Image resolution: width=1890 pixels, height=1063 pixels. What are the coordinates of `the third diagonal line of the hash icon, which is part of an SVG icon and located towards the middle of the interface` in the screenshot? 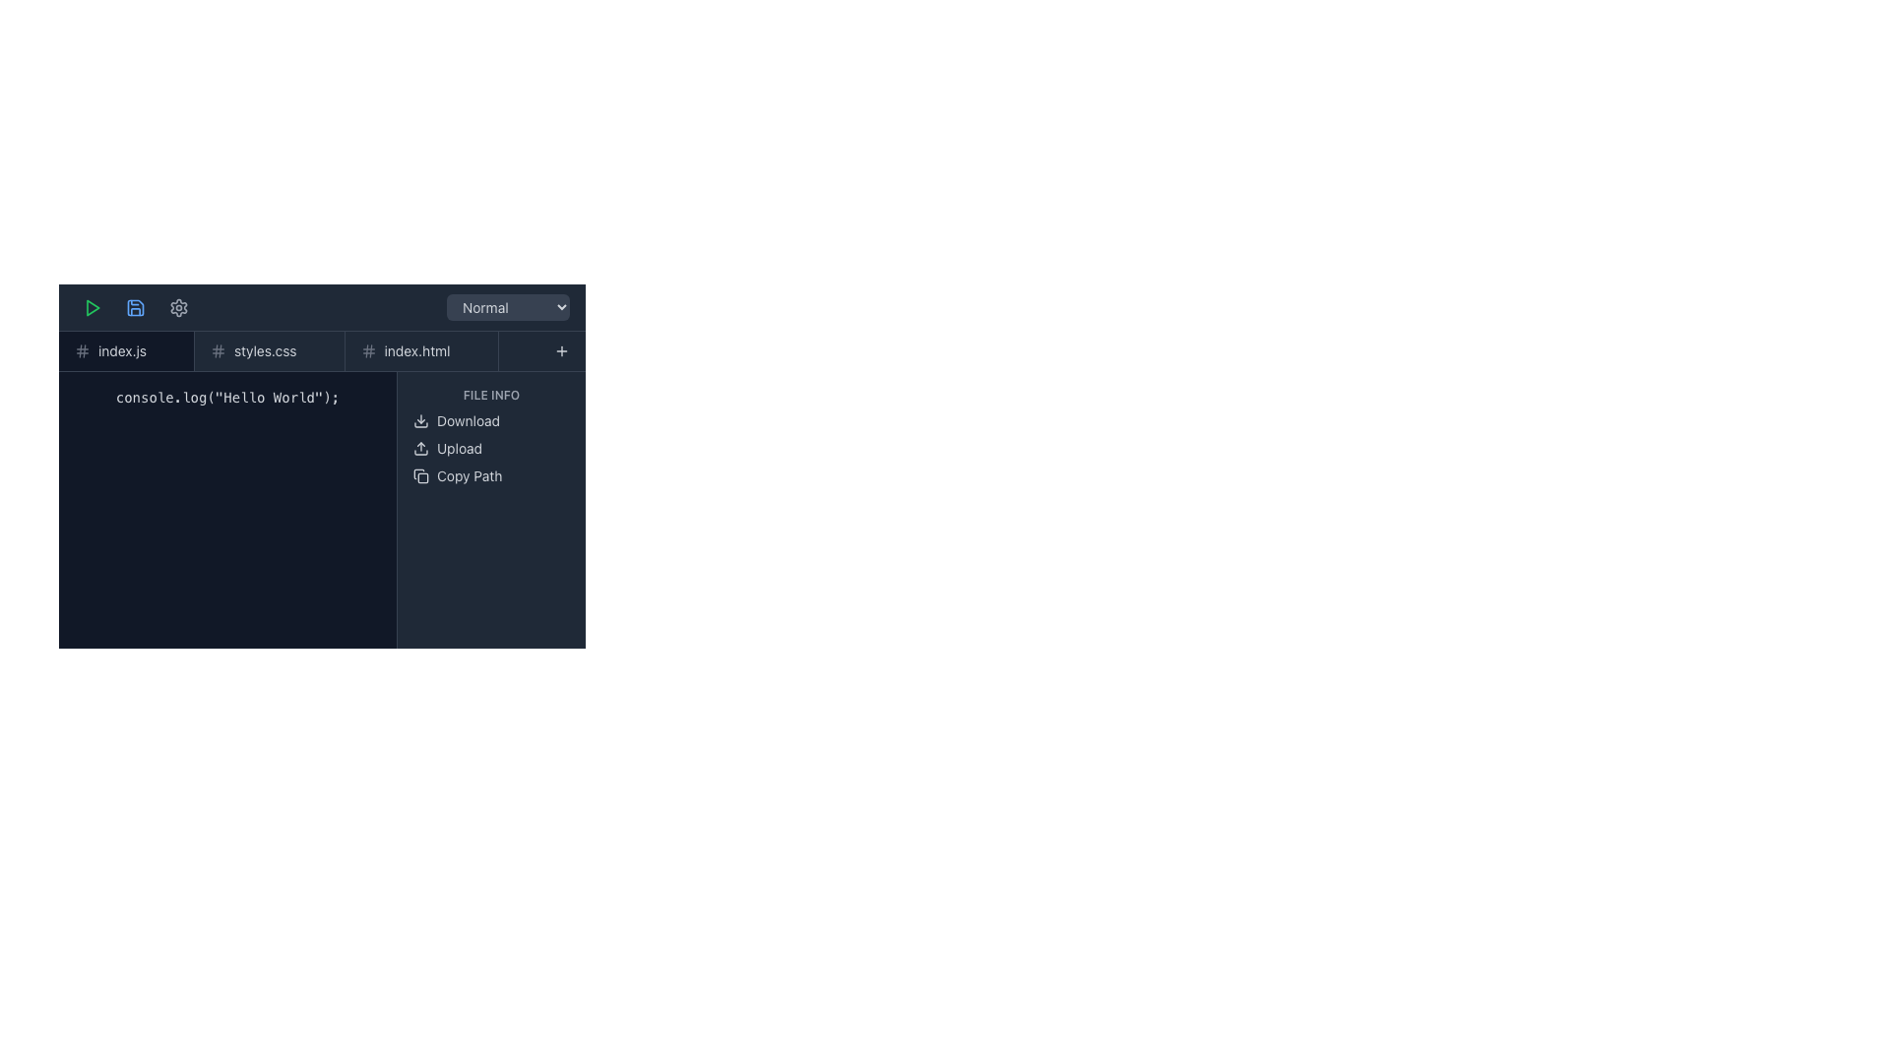 It's located at (217, 350).